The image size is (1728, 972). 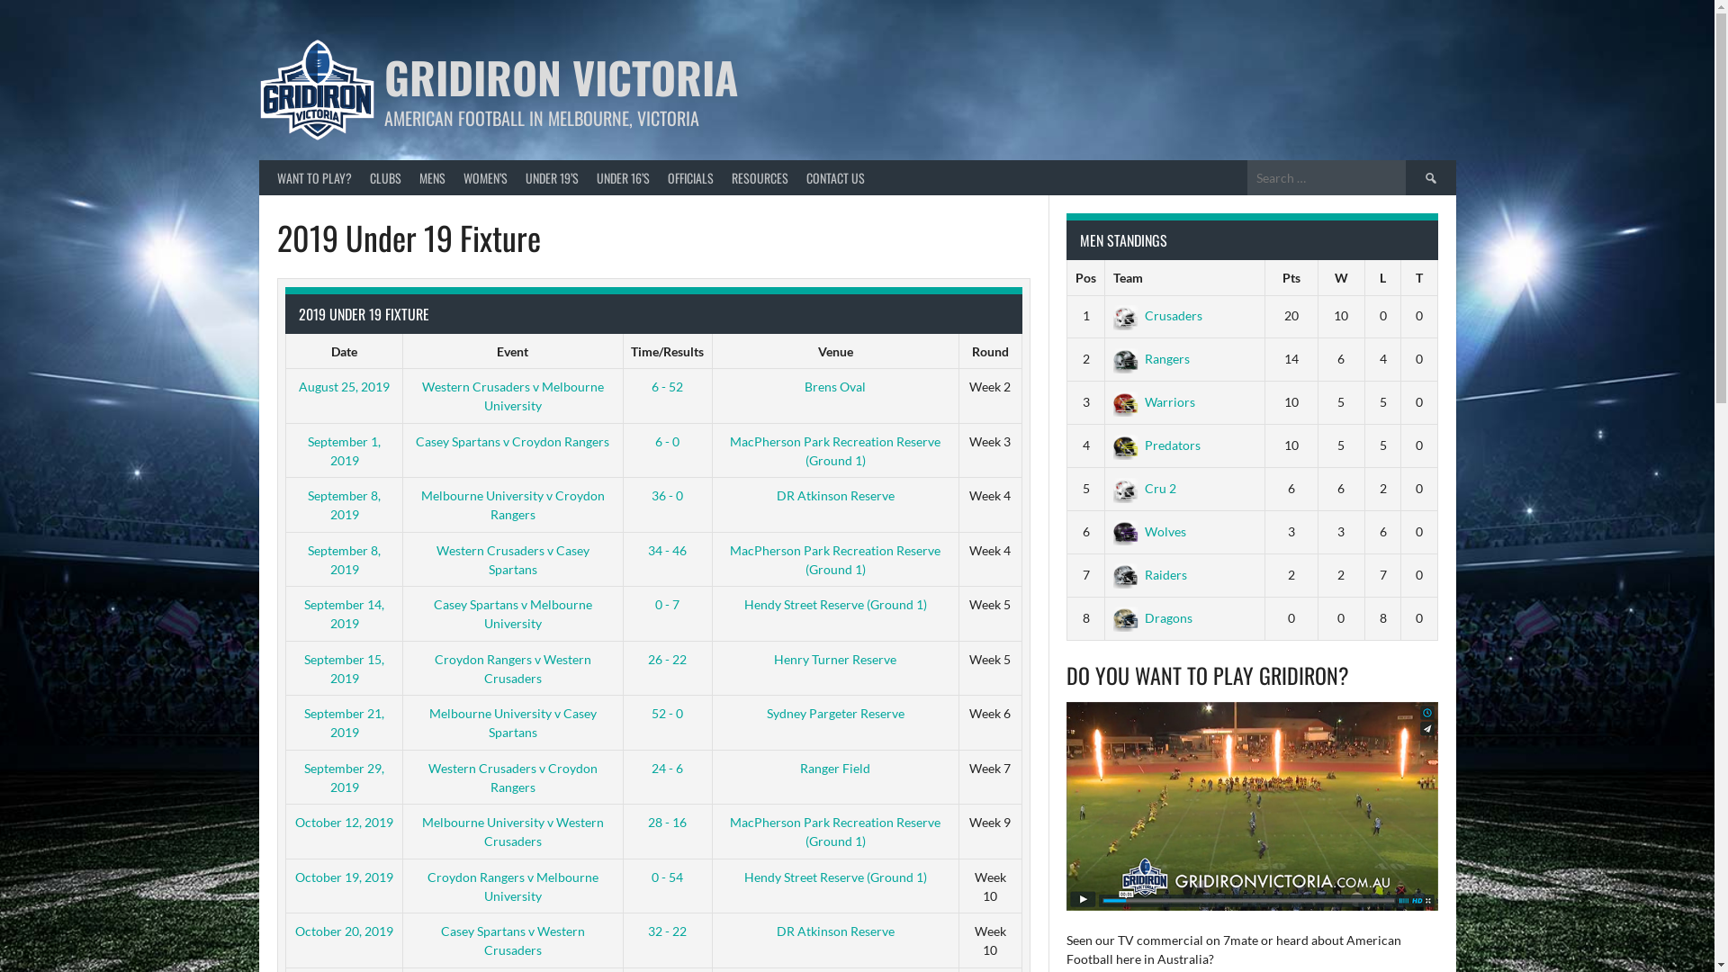 I want to click on 'Ranger Field', so click(x=798, y=767).